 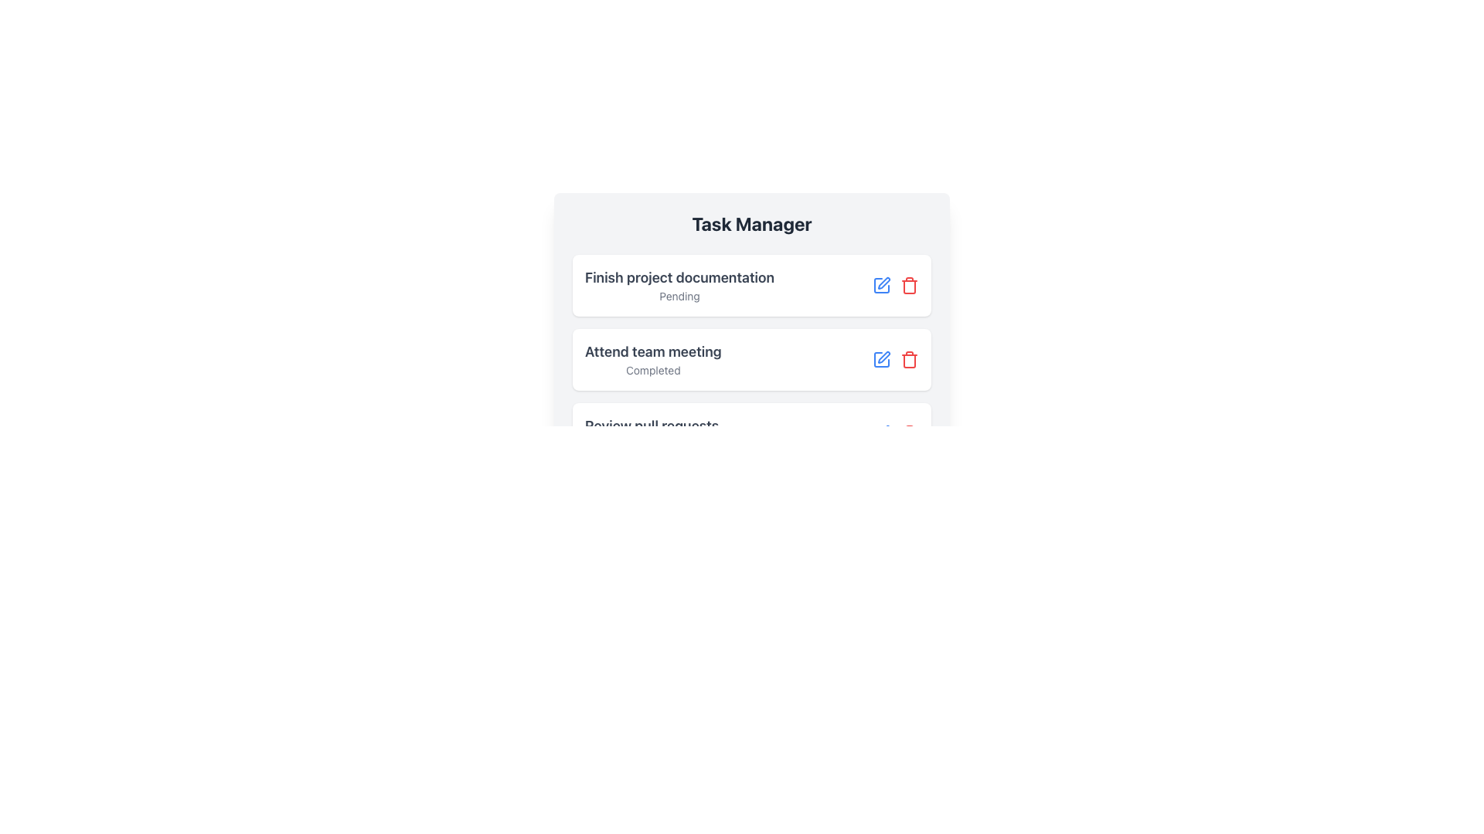 What do you see at coordinates (652, 425) in the screenshot?
I see `the Text label that serves as a heading or descriptor for the third task in the task manager interface, located in the lower-left region of the third task panel, just above the 'In Progress' label` at bounding box center [652, 425].